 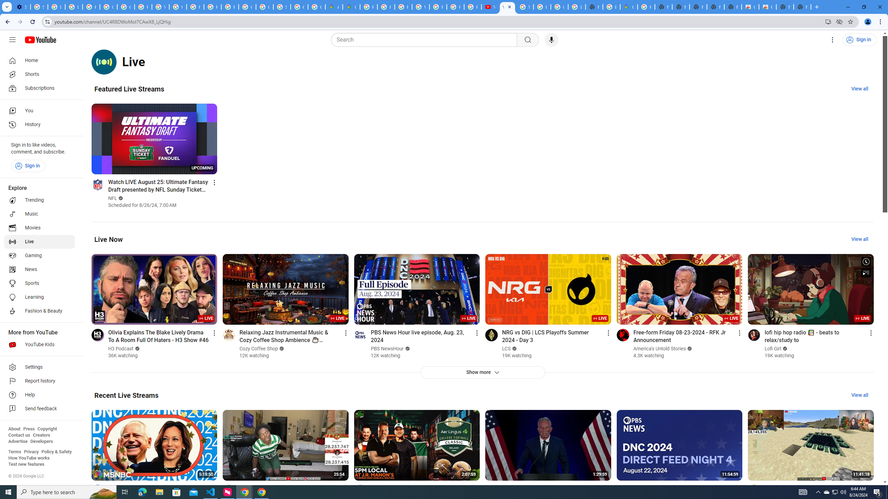 I want to click on 'Trending', so click(x=39, y=200).